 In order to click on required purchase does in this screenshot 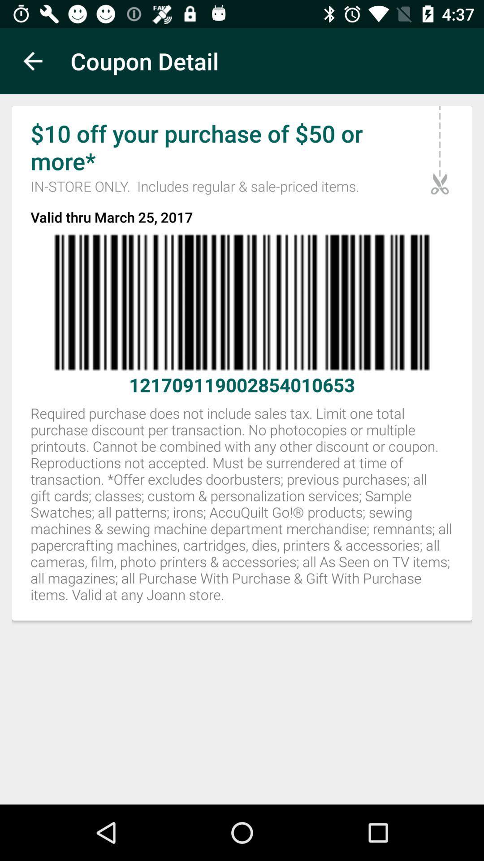, I will do `click(242, 509)`.